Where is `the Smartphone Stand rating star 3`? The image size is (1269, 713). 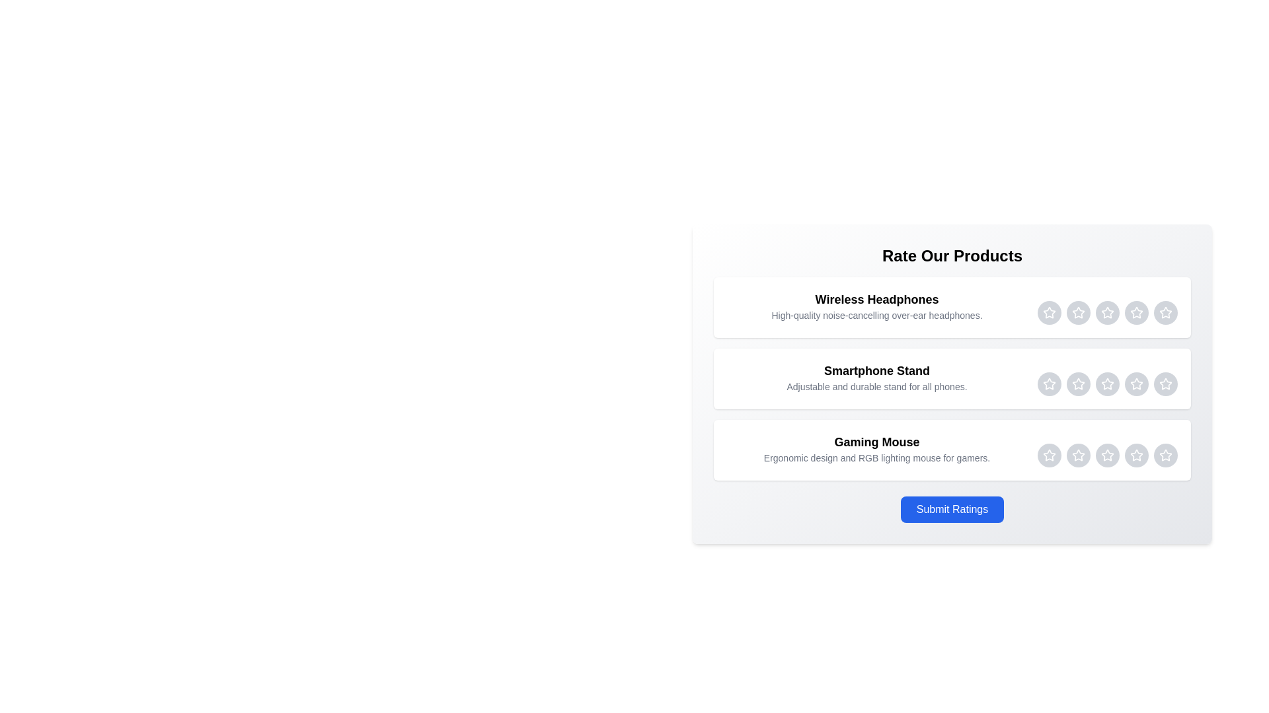 the Smartphone Stand rating star 3 is located at coordinates (1107, 384).